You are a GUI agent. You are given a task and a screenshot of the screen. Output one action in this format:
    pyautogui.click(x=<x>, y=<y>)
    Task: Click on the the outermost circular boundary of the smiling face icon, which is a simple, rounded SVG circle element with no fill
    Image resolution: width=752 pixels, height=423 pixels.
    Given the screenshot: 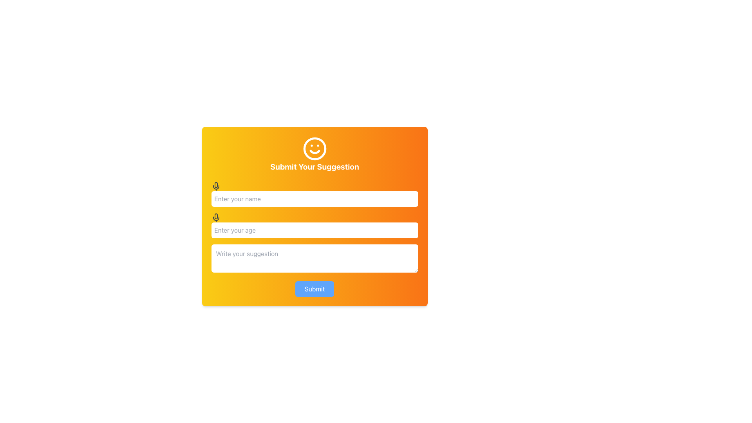 What is the action you would take?
    pyautogui.click(x=315, y=149)
    